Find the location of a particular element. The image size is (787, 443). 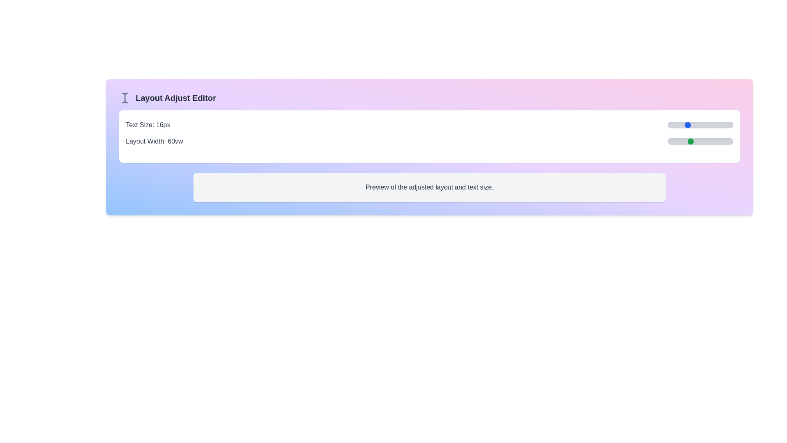

the slider is located at coordinates (730, 141).